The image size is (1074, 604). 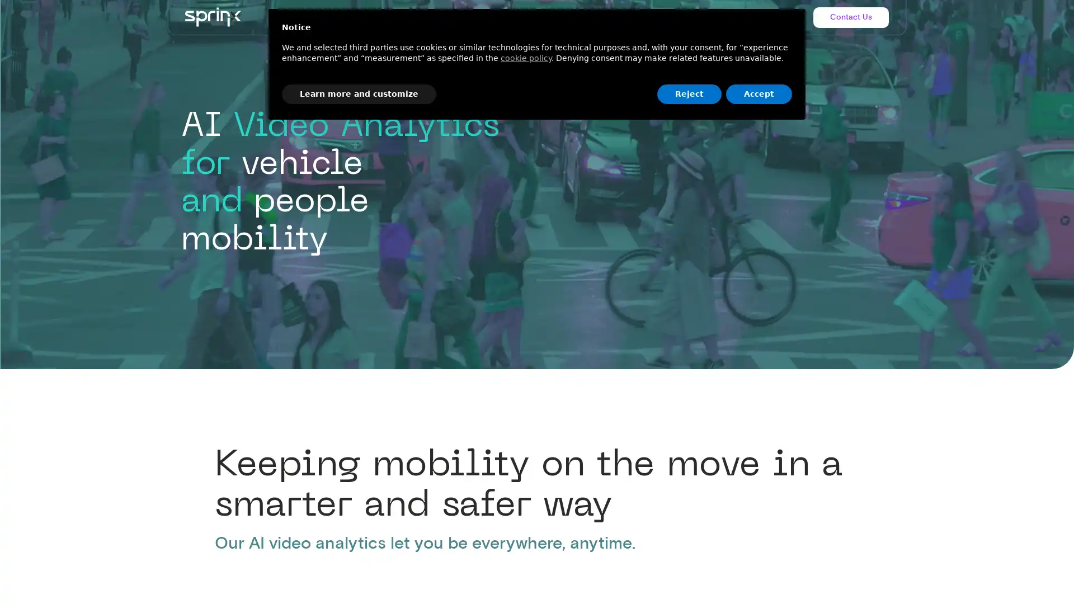 What do you see at coordinates (689, 93) in the screenshot?
I see `Reject` at bounding box center [689, 93].